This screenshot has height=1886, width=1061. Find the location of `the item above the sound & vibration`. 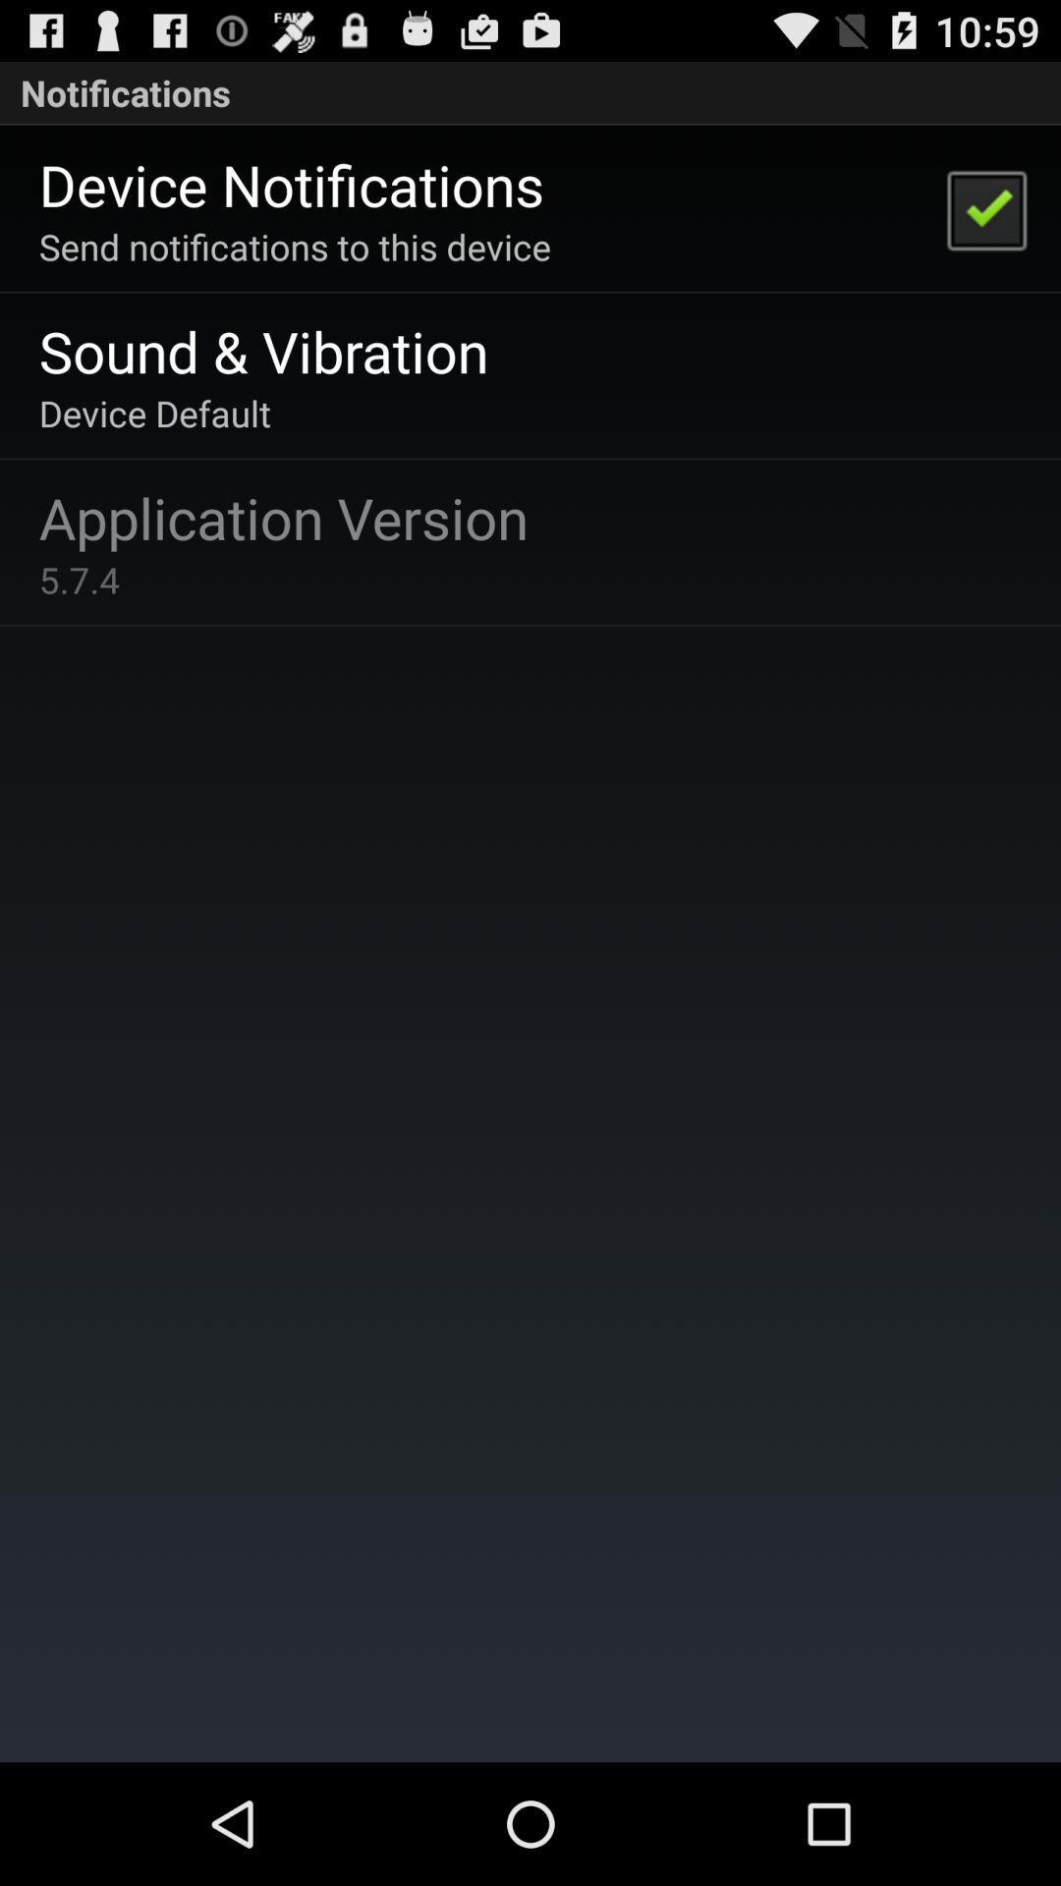

the item above the sound & vibration is located at coordinates (295, 246).